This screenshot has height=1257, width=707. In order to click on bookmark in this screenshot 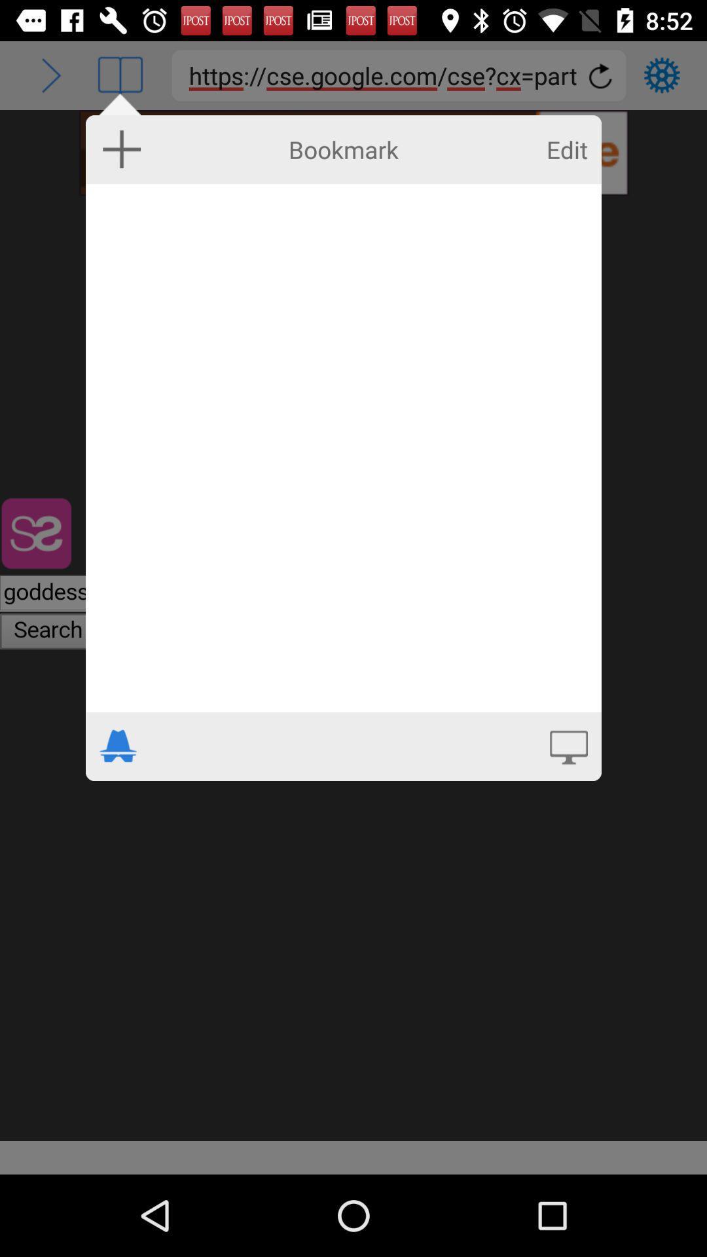, I will do `click(122, 149)`.